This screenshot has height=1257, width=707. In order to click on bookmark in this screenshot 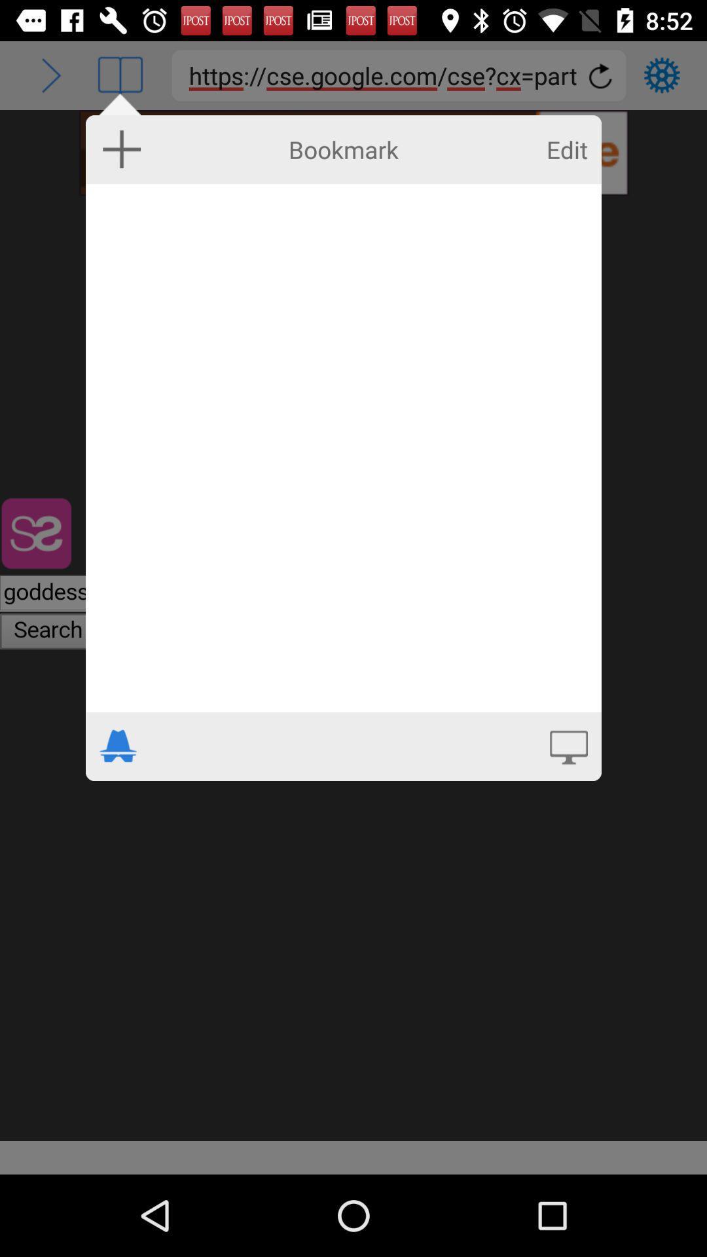, I will do `click(122, 149)`.